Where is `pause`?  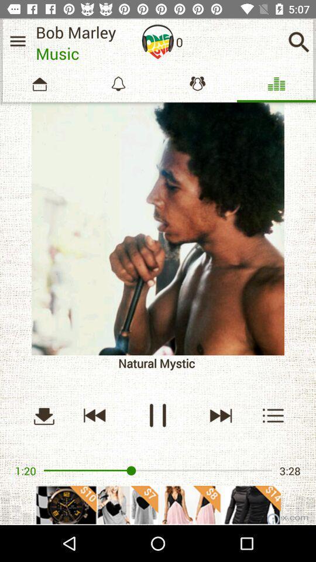
pause is located at coordinates (157, 415).